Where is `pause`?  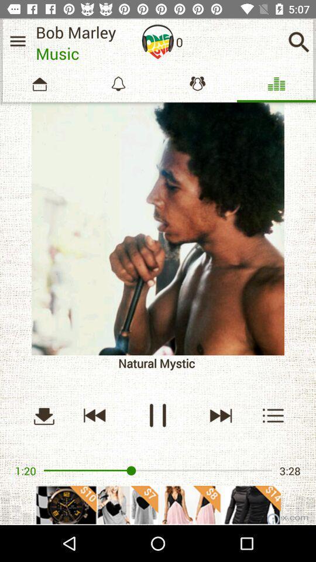
pause is located at coordinates (157, 415).